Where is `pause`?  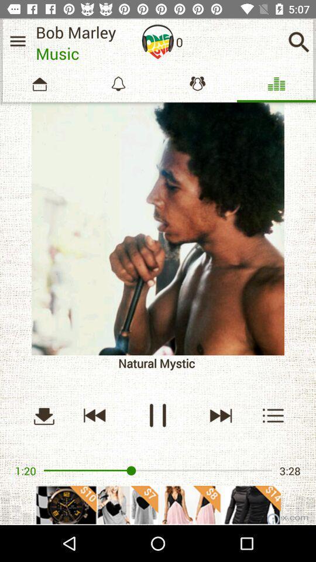
pause is located at coordinates (157, 415).